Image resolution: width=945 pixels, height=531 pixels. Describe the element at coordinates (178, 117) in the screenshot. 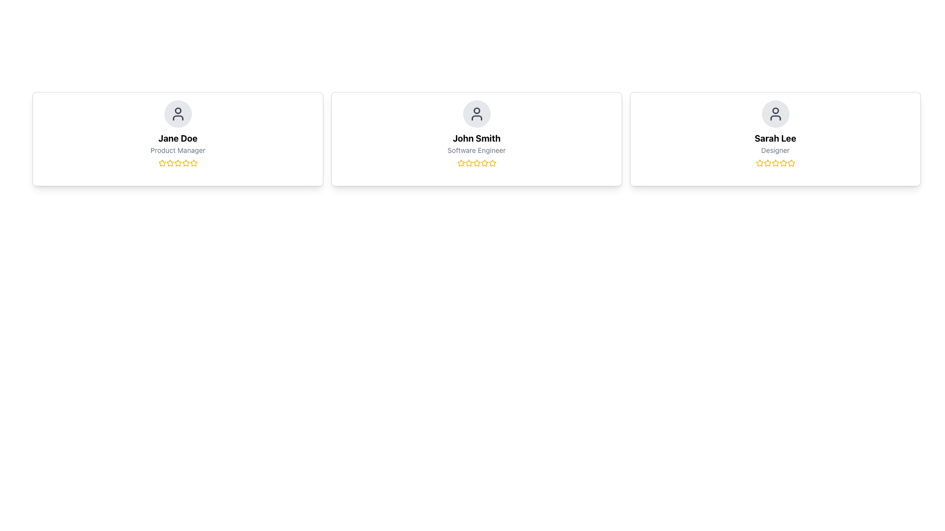

I see `the torso region of the user profile icon for Jane Doe, which is centrally positioned in the card interface` at that location.